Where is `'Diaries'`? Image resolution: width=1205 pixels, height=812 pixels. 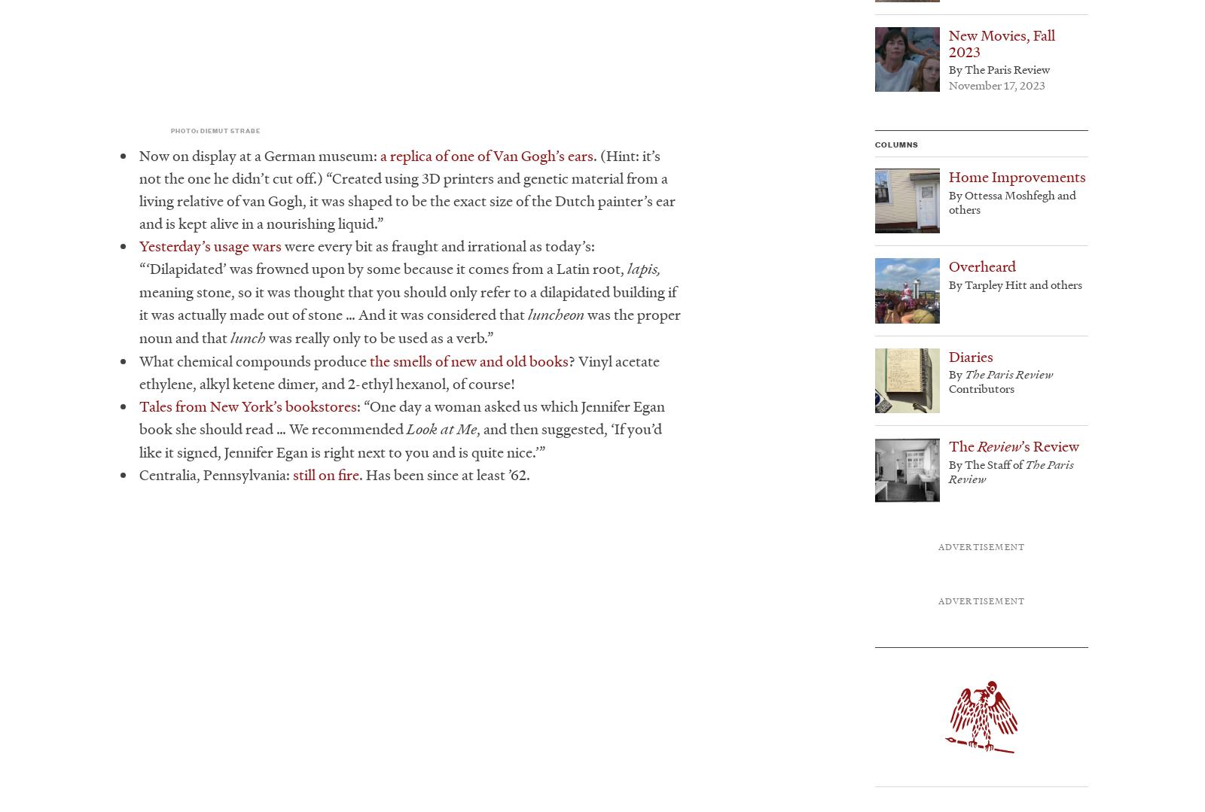
'Diaries' is located at coordinates (970, 355).